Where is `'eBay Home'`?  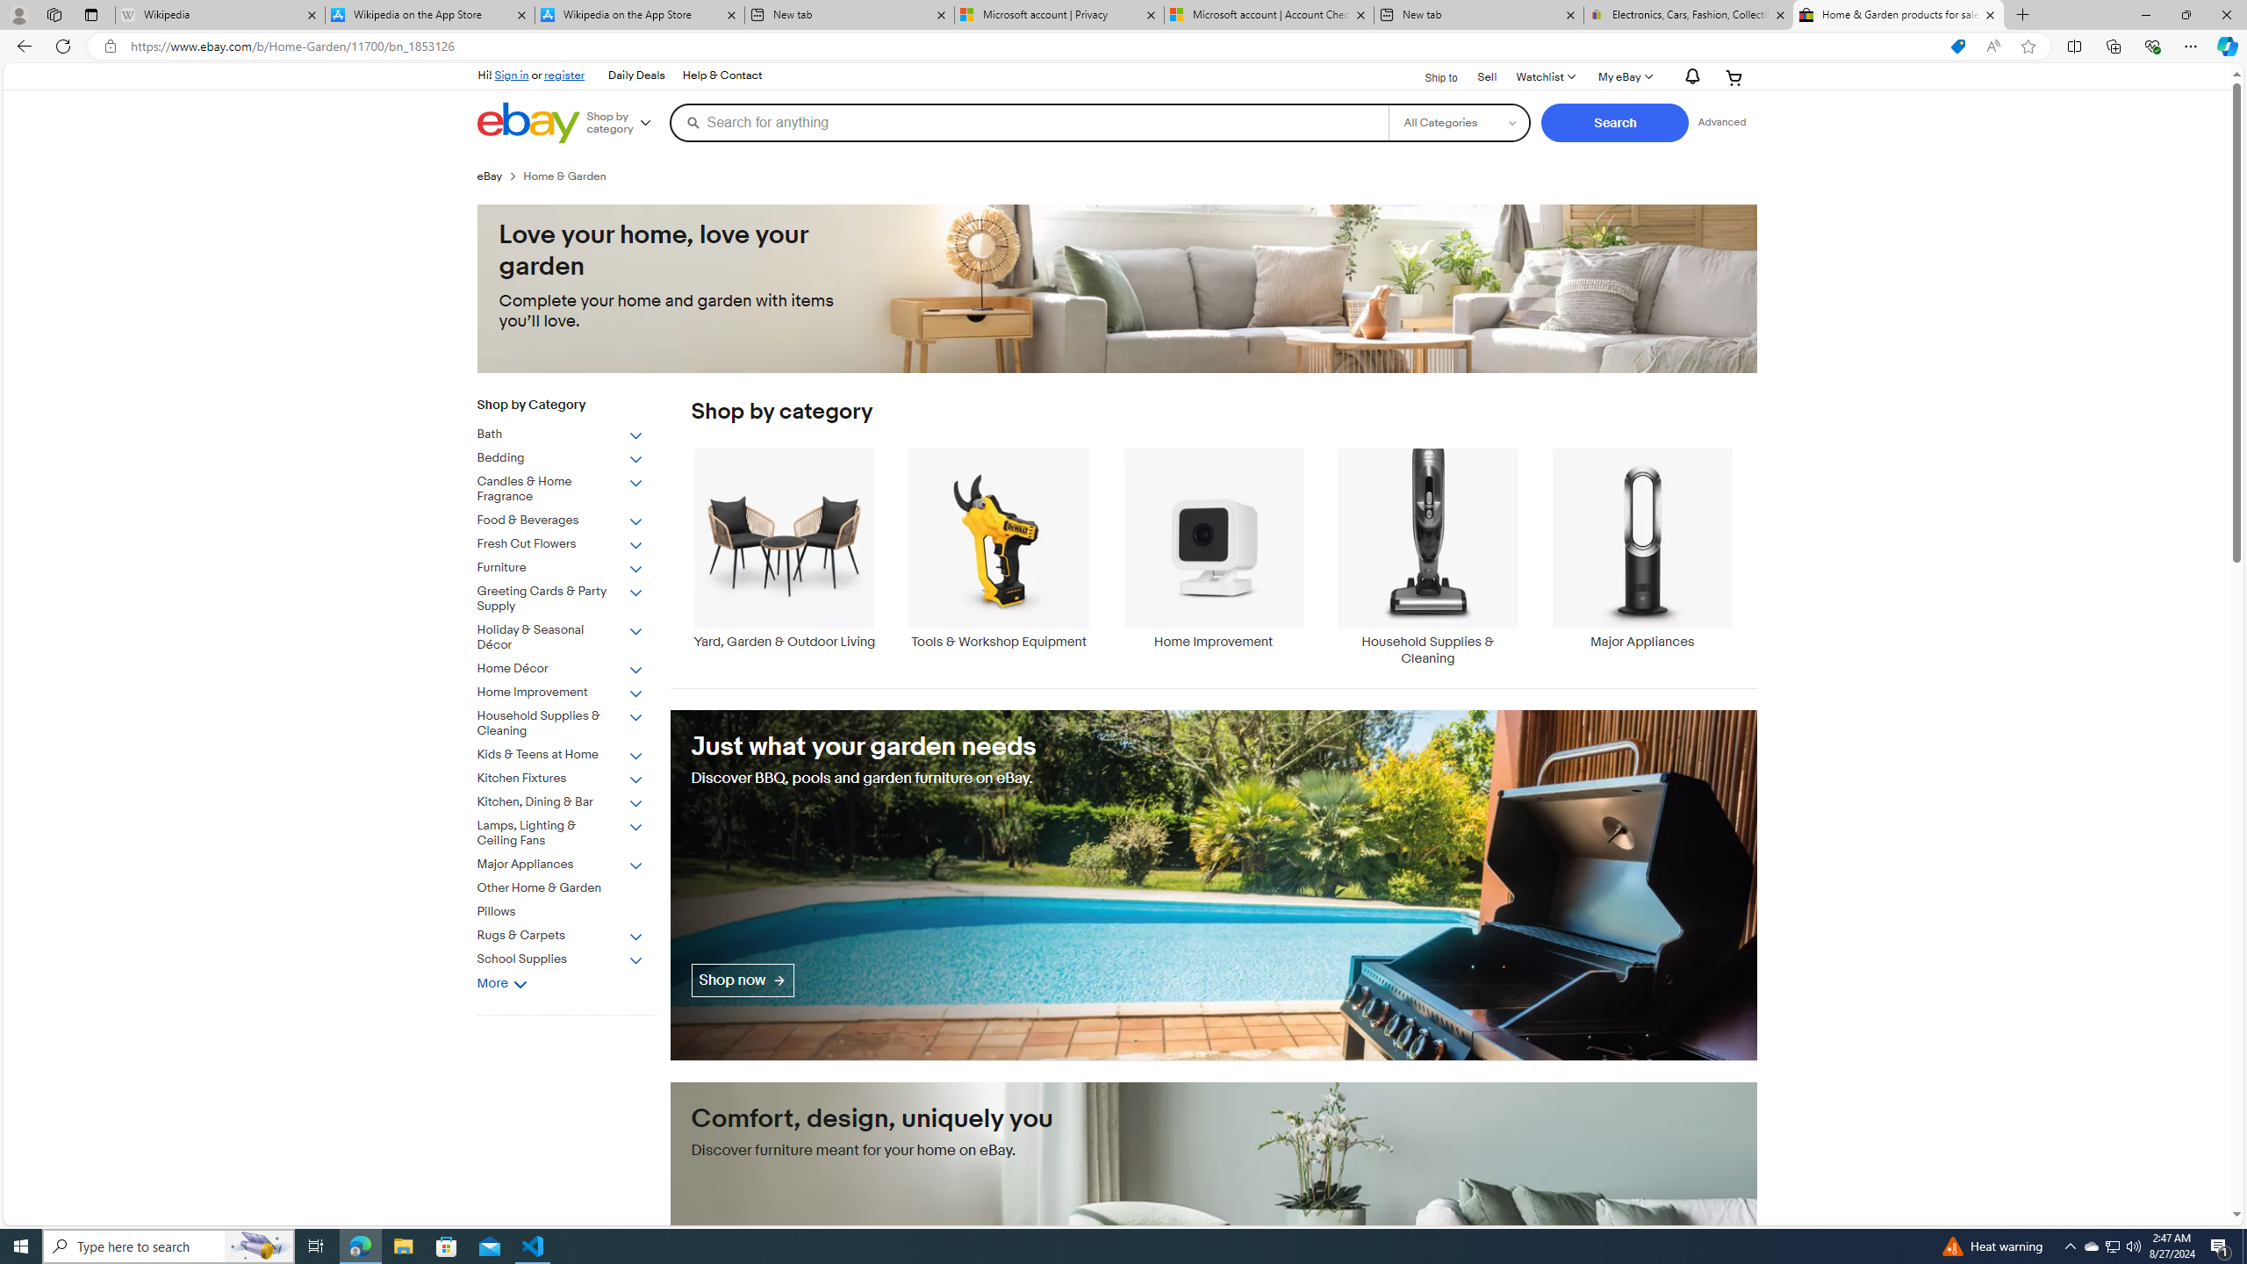
'eBay Home' is located at coordinates (527, 122).